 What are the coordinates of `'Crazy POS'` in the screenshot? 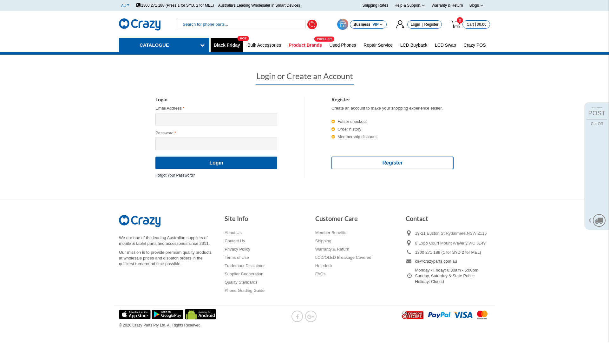 It's located at (475, 45).